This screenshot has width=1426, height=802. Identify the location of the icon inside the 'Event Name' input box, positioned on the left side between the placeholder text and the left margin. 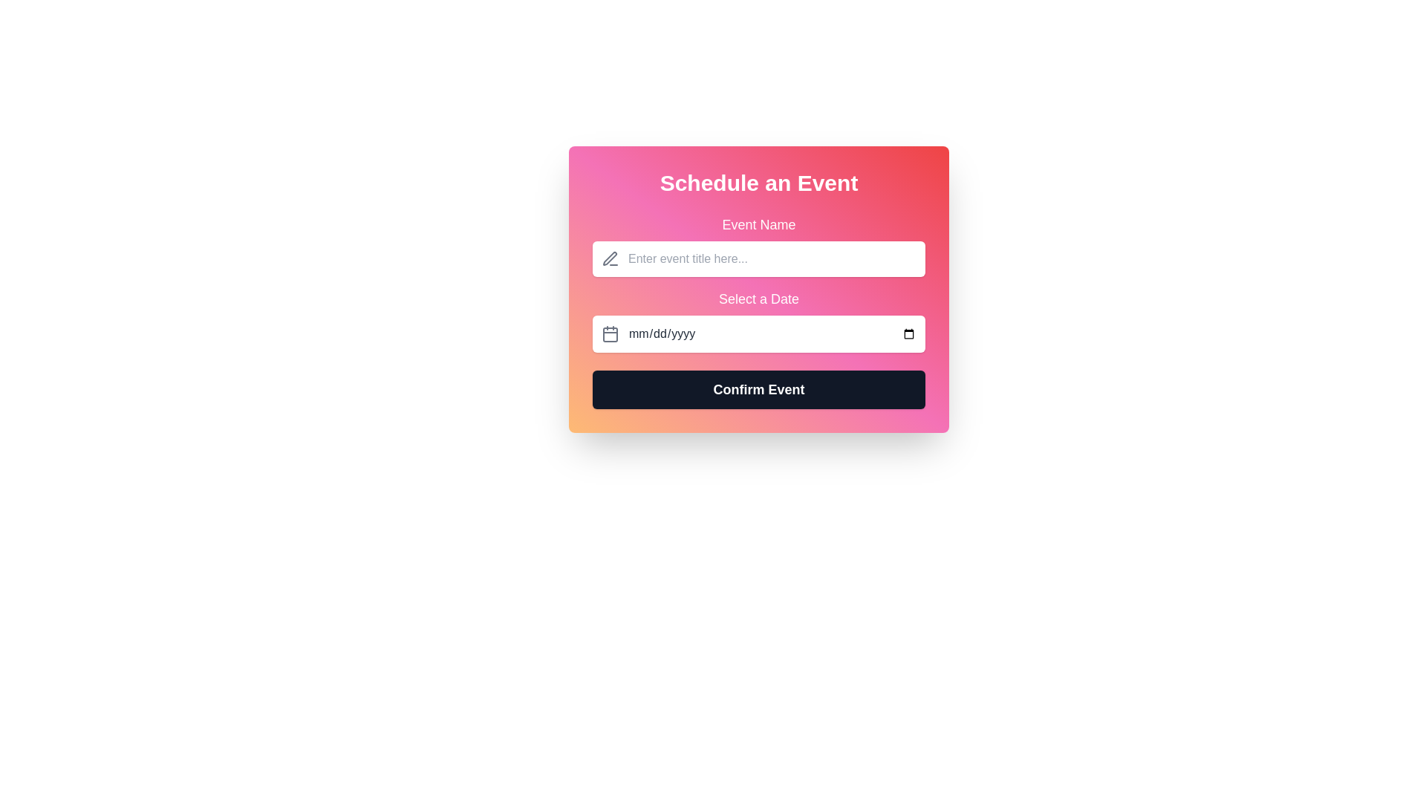
(610, 258).